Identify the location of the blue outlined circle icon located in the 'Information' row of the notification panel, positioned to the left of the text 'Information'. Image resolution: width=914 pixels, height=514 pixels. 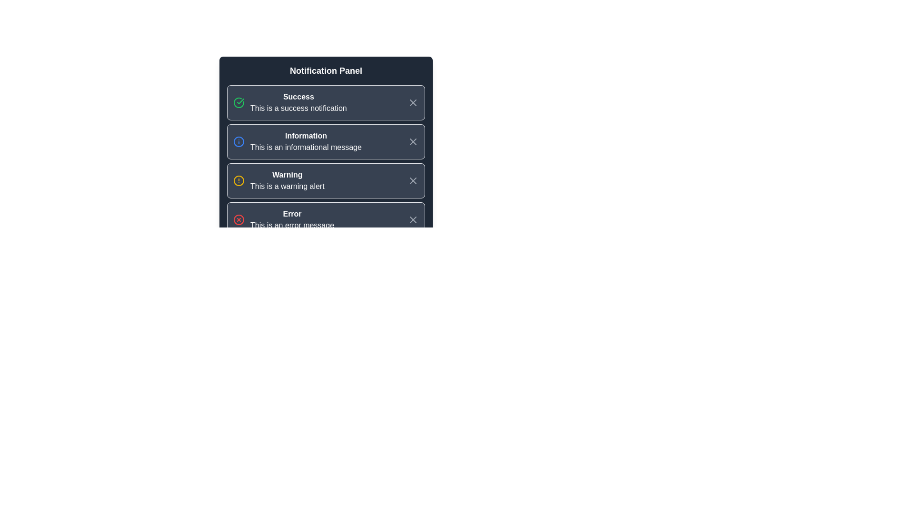
(239, 141).